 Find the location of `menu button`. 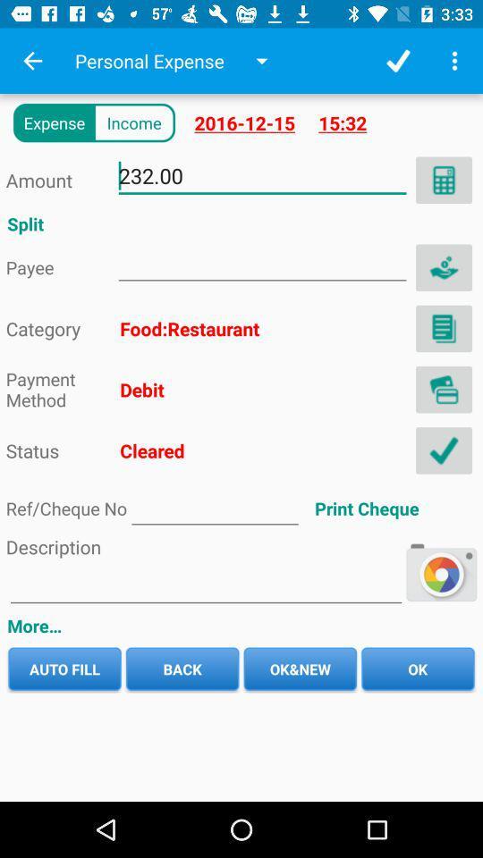

menu button is located at coordinates (454, 61).